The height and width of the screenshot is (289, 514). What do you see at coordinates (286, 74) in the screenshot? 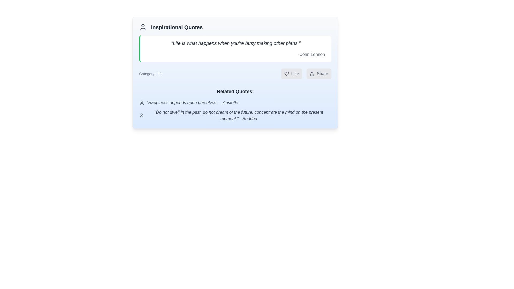
I see `the heart icon located on the right side of the main content area beneath the quote text` at bounding box center [286, 74].